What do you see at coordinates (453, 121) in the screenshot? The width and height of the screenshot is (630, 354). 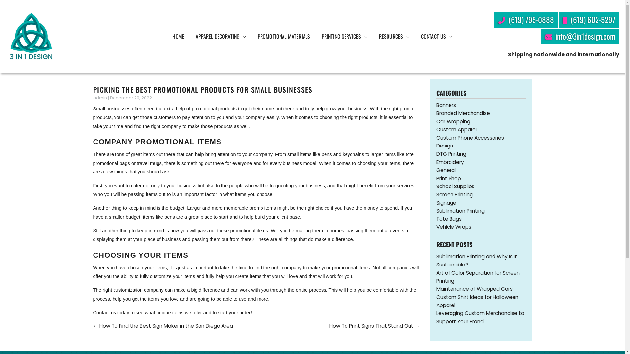 I see `'Car Wrapping'` at bounding box center [453, 121].